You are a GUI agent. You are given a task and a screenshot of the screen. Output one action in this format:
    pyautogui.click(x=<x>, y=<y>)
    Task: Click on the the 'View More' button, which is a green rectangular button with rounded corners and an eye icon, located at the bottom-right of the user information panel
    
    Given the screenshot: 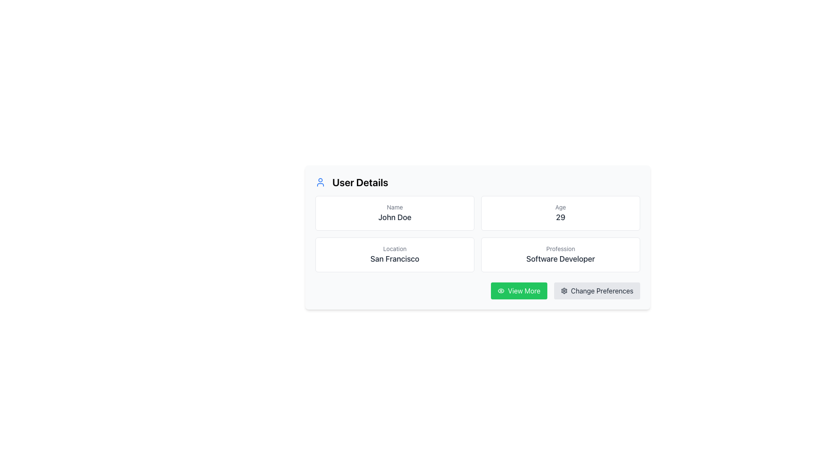 What is the action you would take?
    pyautogui.click(x=519, y=290)
    